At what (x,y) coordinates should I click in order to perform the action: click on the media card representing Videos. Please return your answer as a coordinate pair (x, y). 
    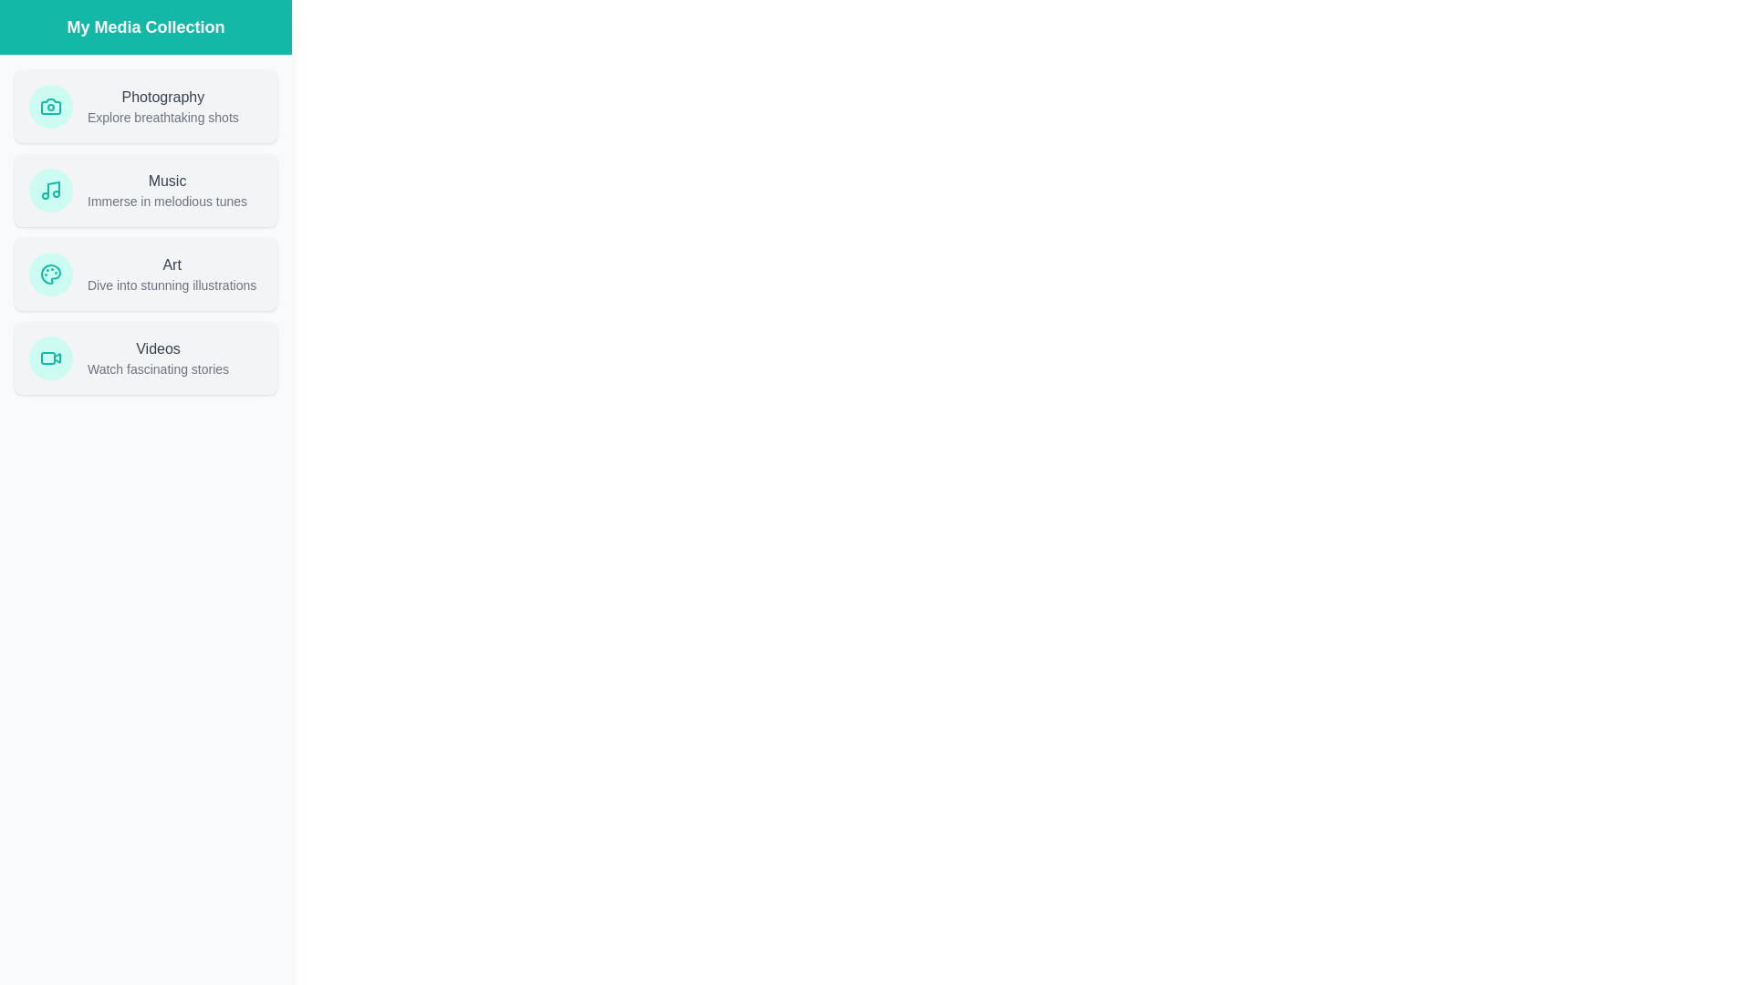
    Looking at the image, I should click on (144, 358).